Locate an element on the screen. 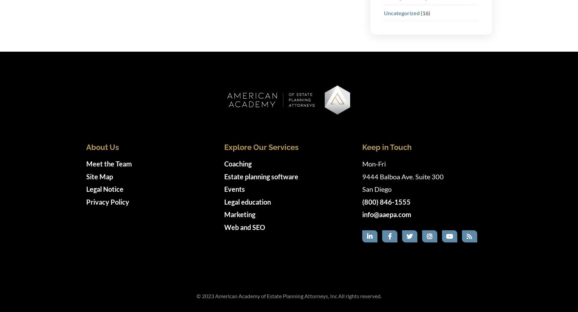 Image resolution: width=578 pixels, height=312 pixels. 'Meet the Team' is located at coordinates (108, 163).